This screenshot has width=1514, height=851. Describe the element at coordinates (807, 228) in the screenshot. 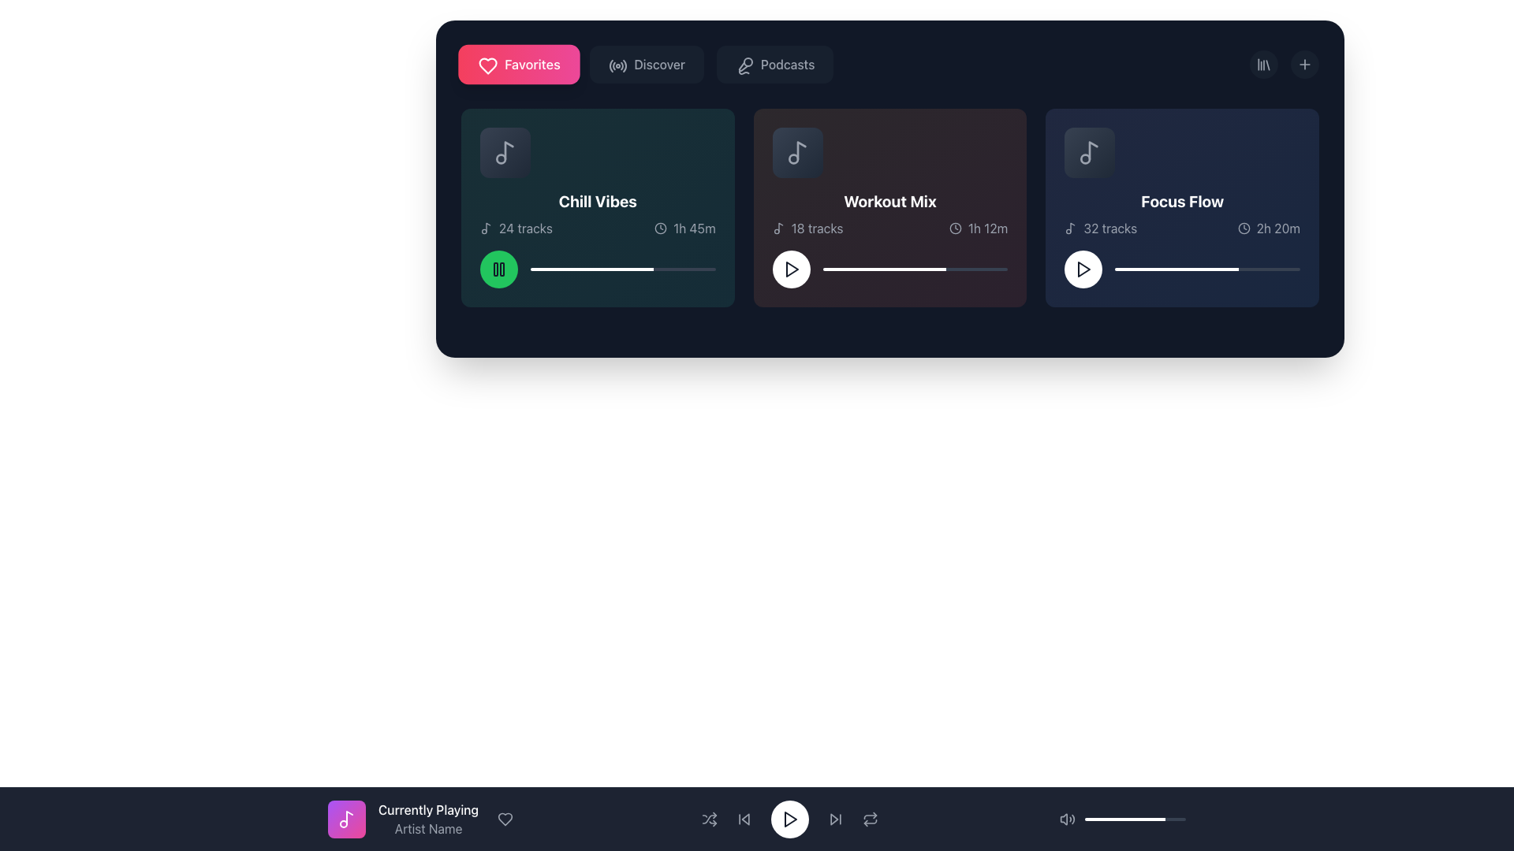

I see `the text label displaying the total number of tracks available in the 'Workout Mix' playlist, located below the title 'Workout Mix' and before the duration '1h 12m', on the second card in the central interface area` at that location.